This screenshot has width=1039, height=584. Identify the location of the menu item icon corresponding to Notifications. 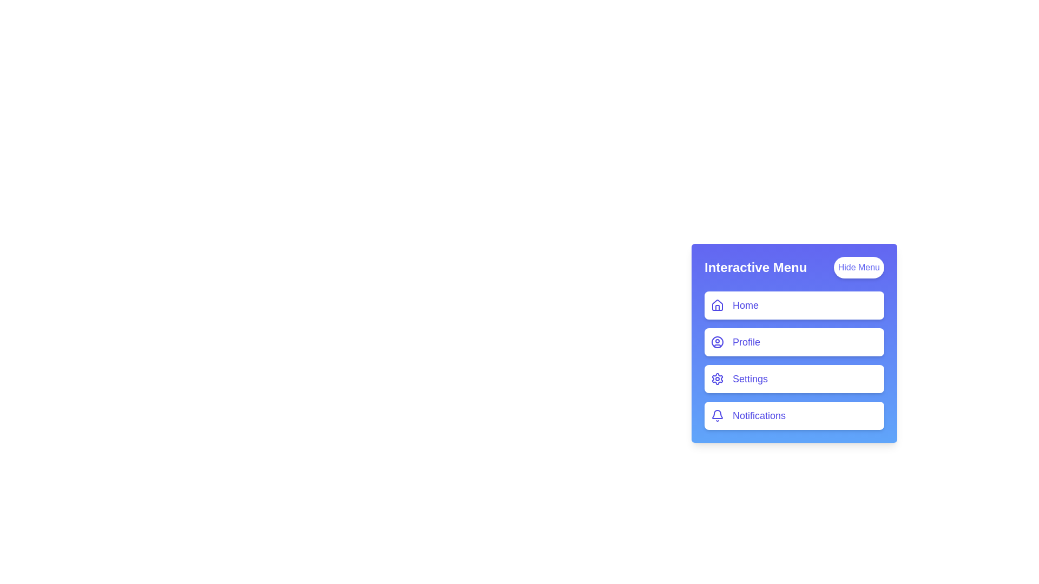
(717, 415).